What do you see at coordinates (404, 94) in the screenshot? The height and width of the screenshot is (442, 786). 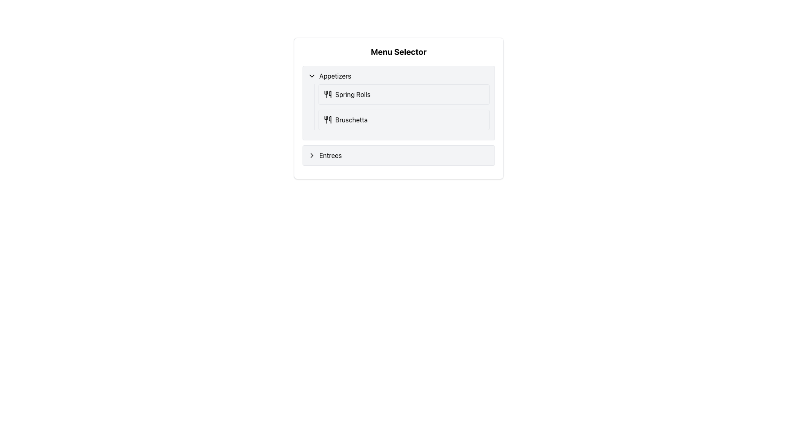 I see `the menu item for 'Spring Rolls' located in the 'Appetizers' section` at bounding box center [404, 94].